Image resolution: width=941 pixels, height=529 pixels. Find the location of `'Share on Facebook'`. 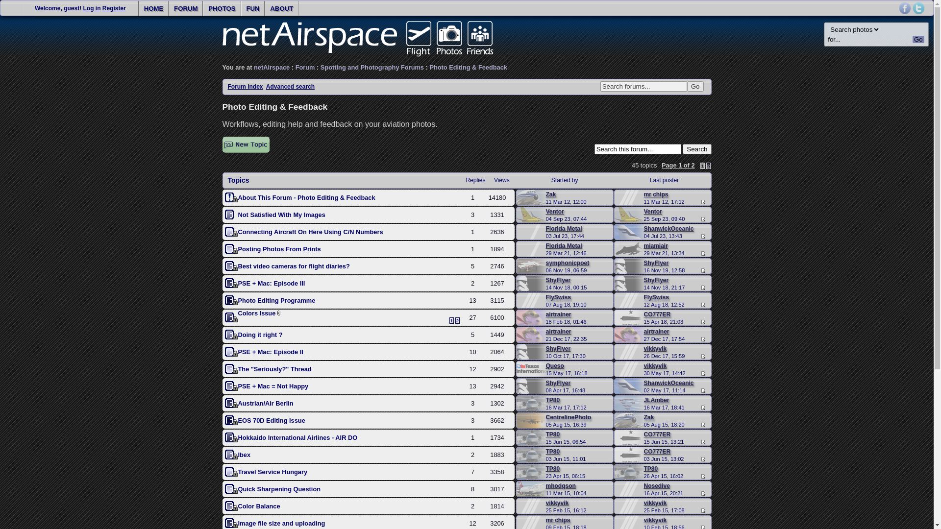

'Share on Facebook' is located at coordinates (898, 8).